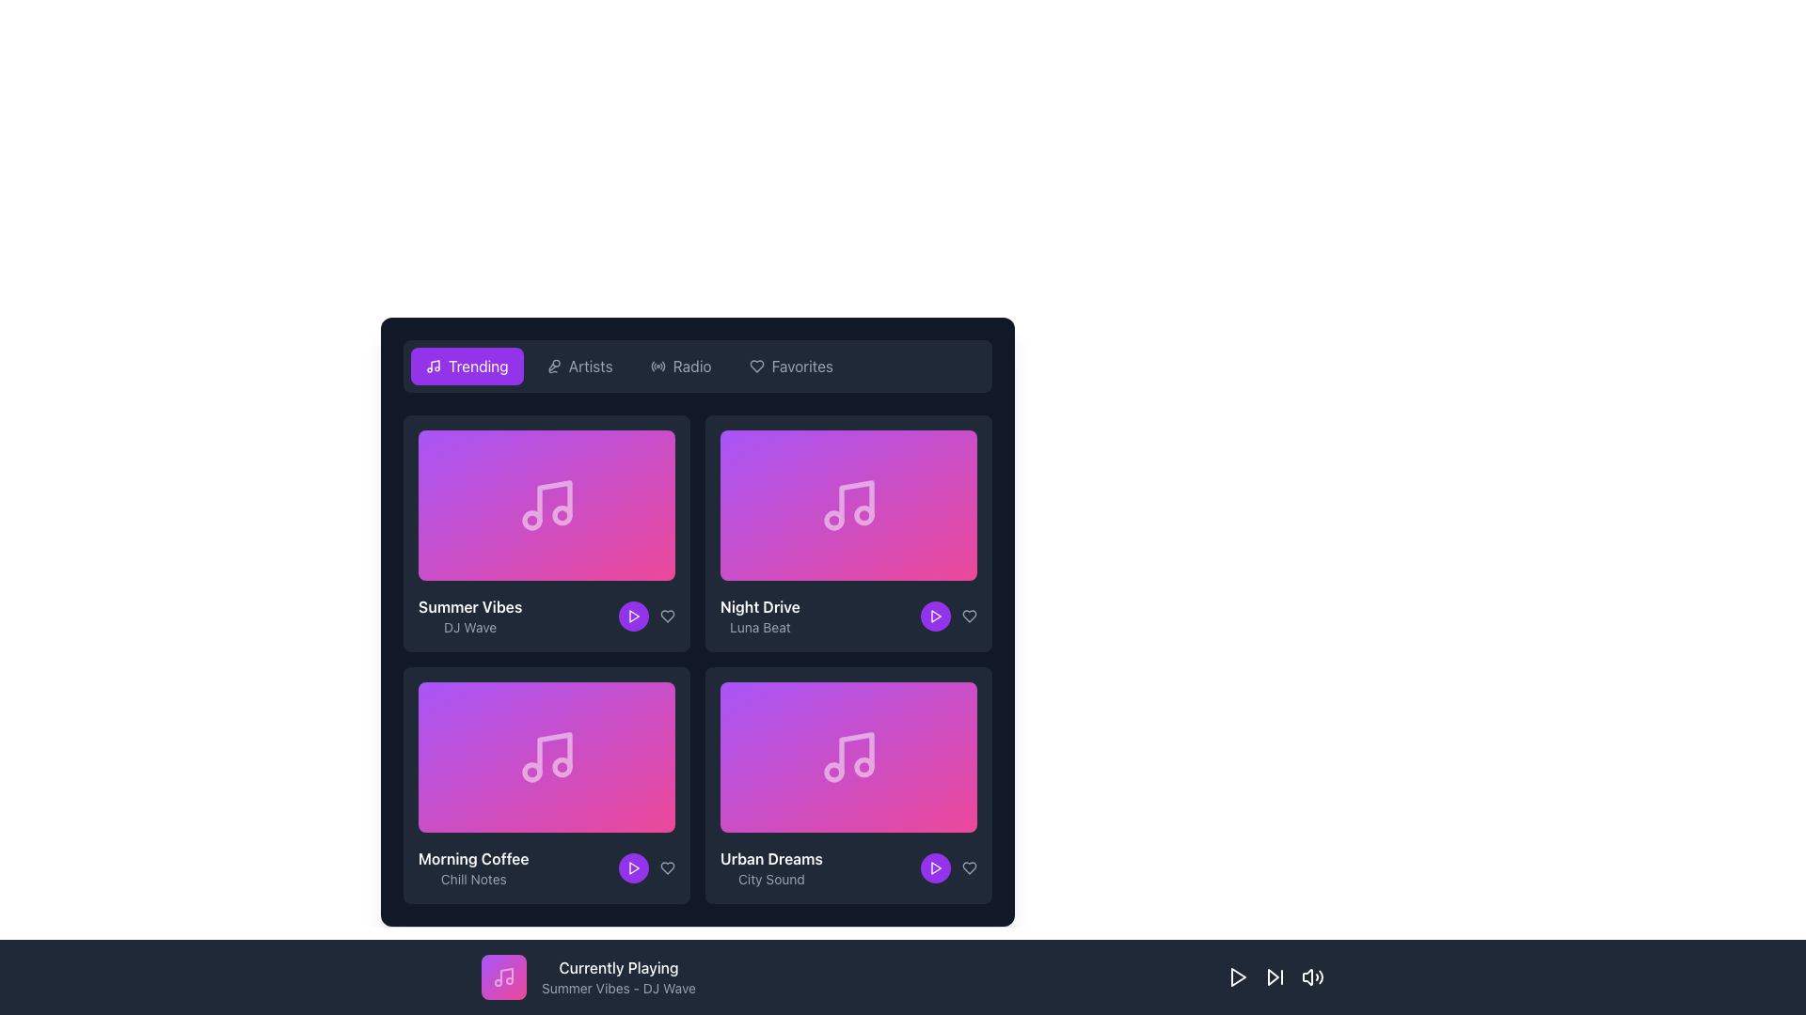  Describe the element at coordinates (848, 504) in the screenshot. I see `the musical note icon on the 'Night Drive' card, which is the second card in the top row of the grid` at that location.